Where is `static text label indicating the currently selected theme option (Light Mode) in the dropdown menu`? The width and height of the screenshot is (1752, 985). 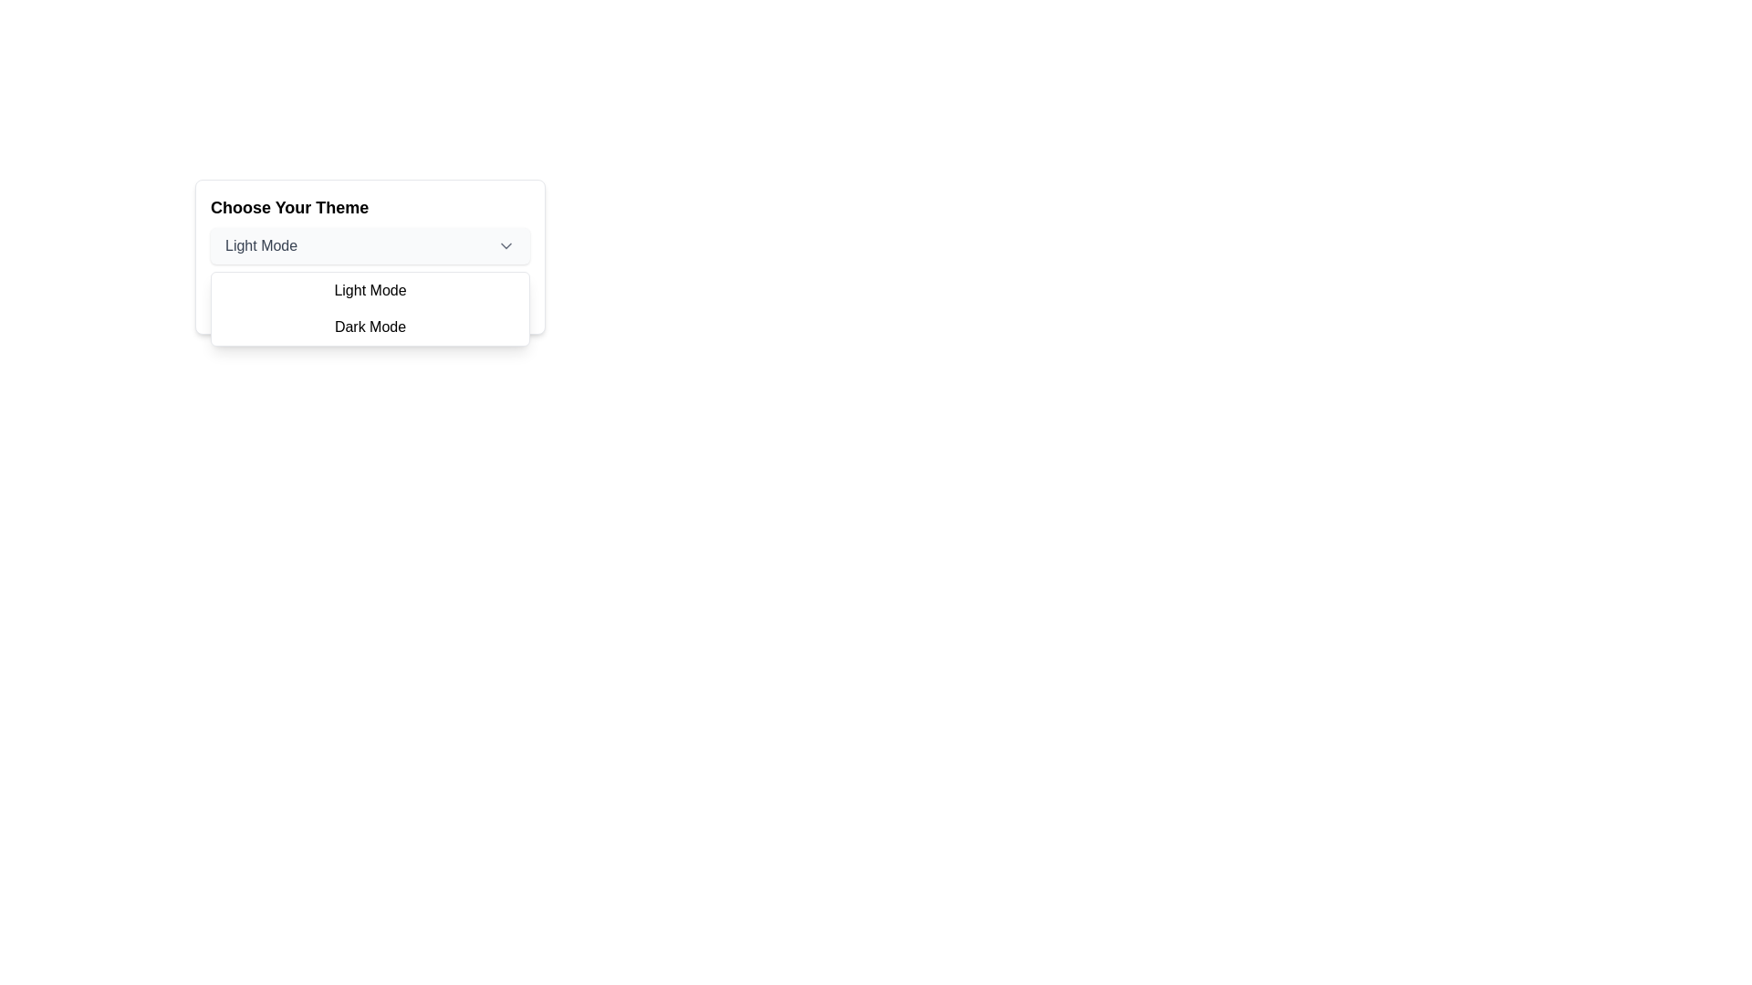
static text label indicating the currently selected theme option (Light Mode) in the dropdown menu is located at coordinates (260, 246).